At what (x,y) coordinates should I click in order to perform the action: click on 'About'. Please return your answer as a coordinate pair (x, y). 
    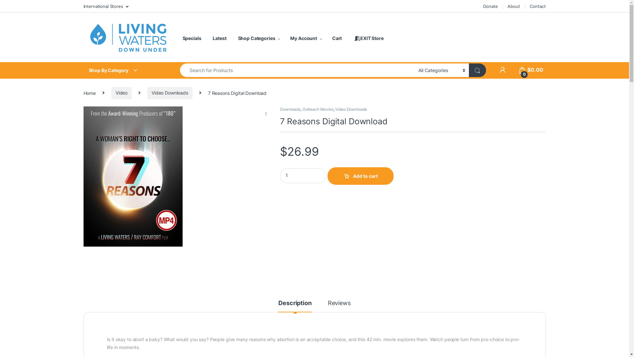
    Looking at the image, I should click on (513, 6).